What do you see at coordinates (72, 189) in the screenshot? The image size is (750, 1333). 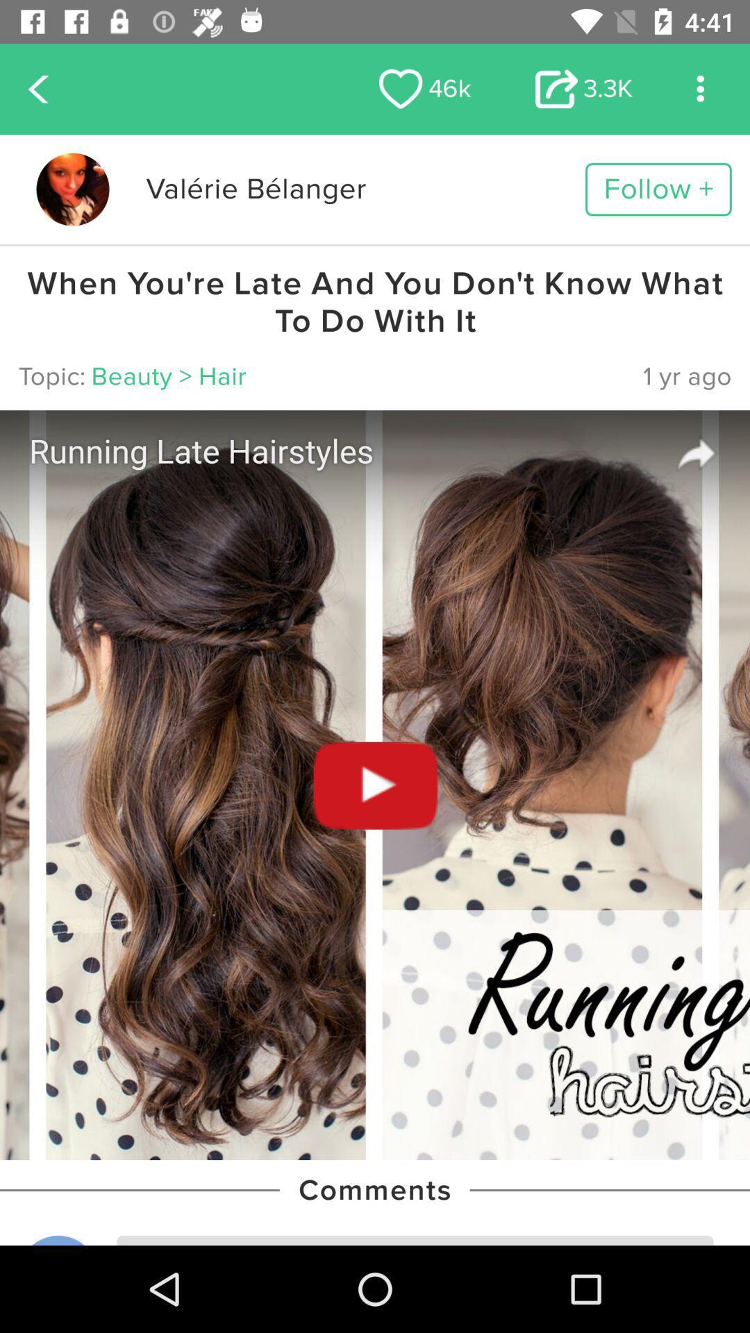 I see `profile picture` at bounding box center [72, 189].